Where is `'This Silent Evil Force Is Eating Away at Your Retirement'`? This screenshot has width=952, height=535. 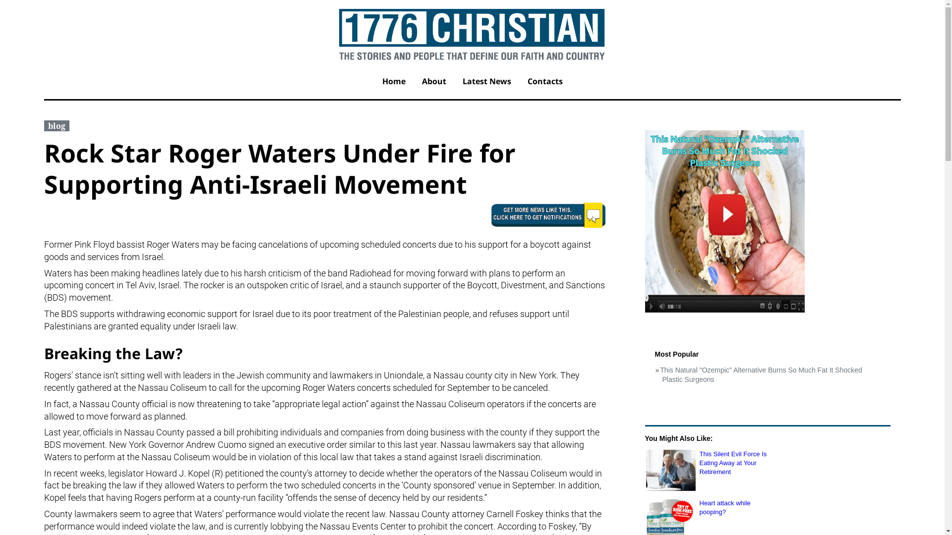
'This Silent Evil Force Is Eating Away at Your Retirement' is located at coordinates (670, 470).